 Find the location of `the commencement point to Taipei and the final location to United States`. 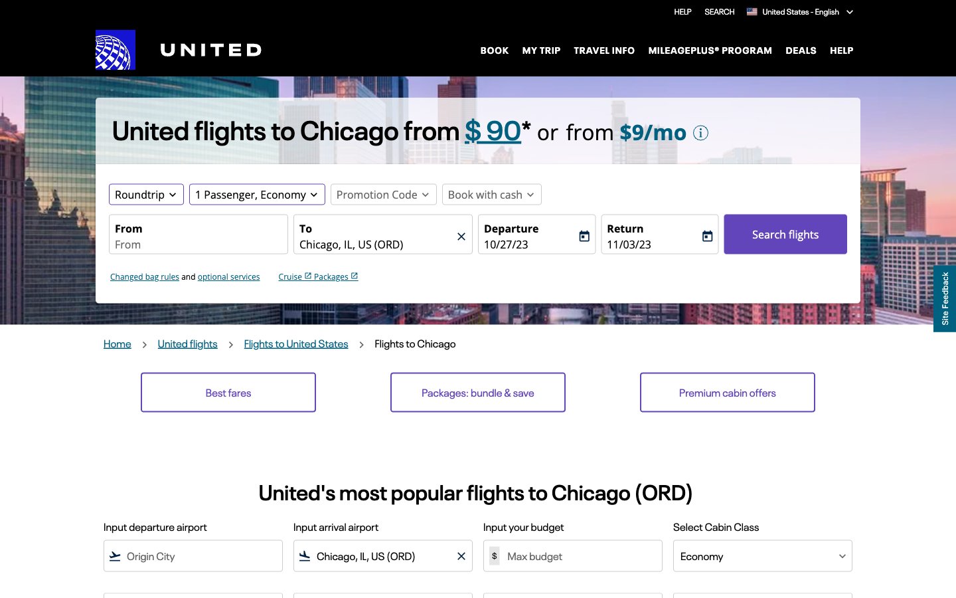

the commencement point to Taipei and the final location to United States is located at coordinates (197, 245).